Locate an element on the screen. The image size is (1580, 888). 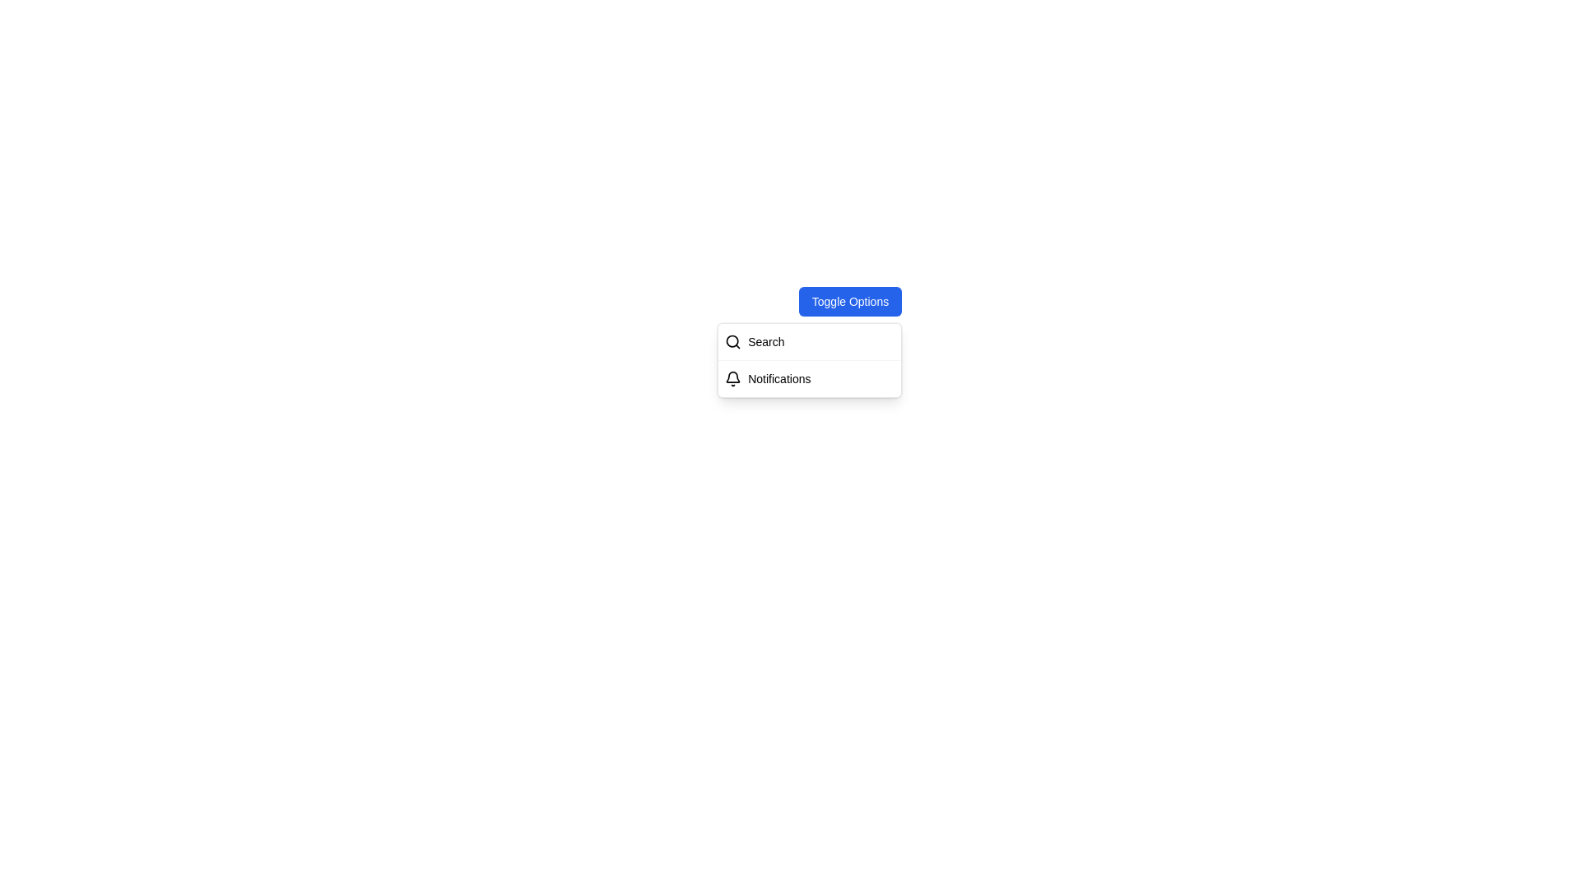
the 'Search' text label located in the dropdown menu, which describes the functionality of the associated search icon is located at coordinates (765, 341).